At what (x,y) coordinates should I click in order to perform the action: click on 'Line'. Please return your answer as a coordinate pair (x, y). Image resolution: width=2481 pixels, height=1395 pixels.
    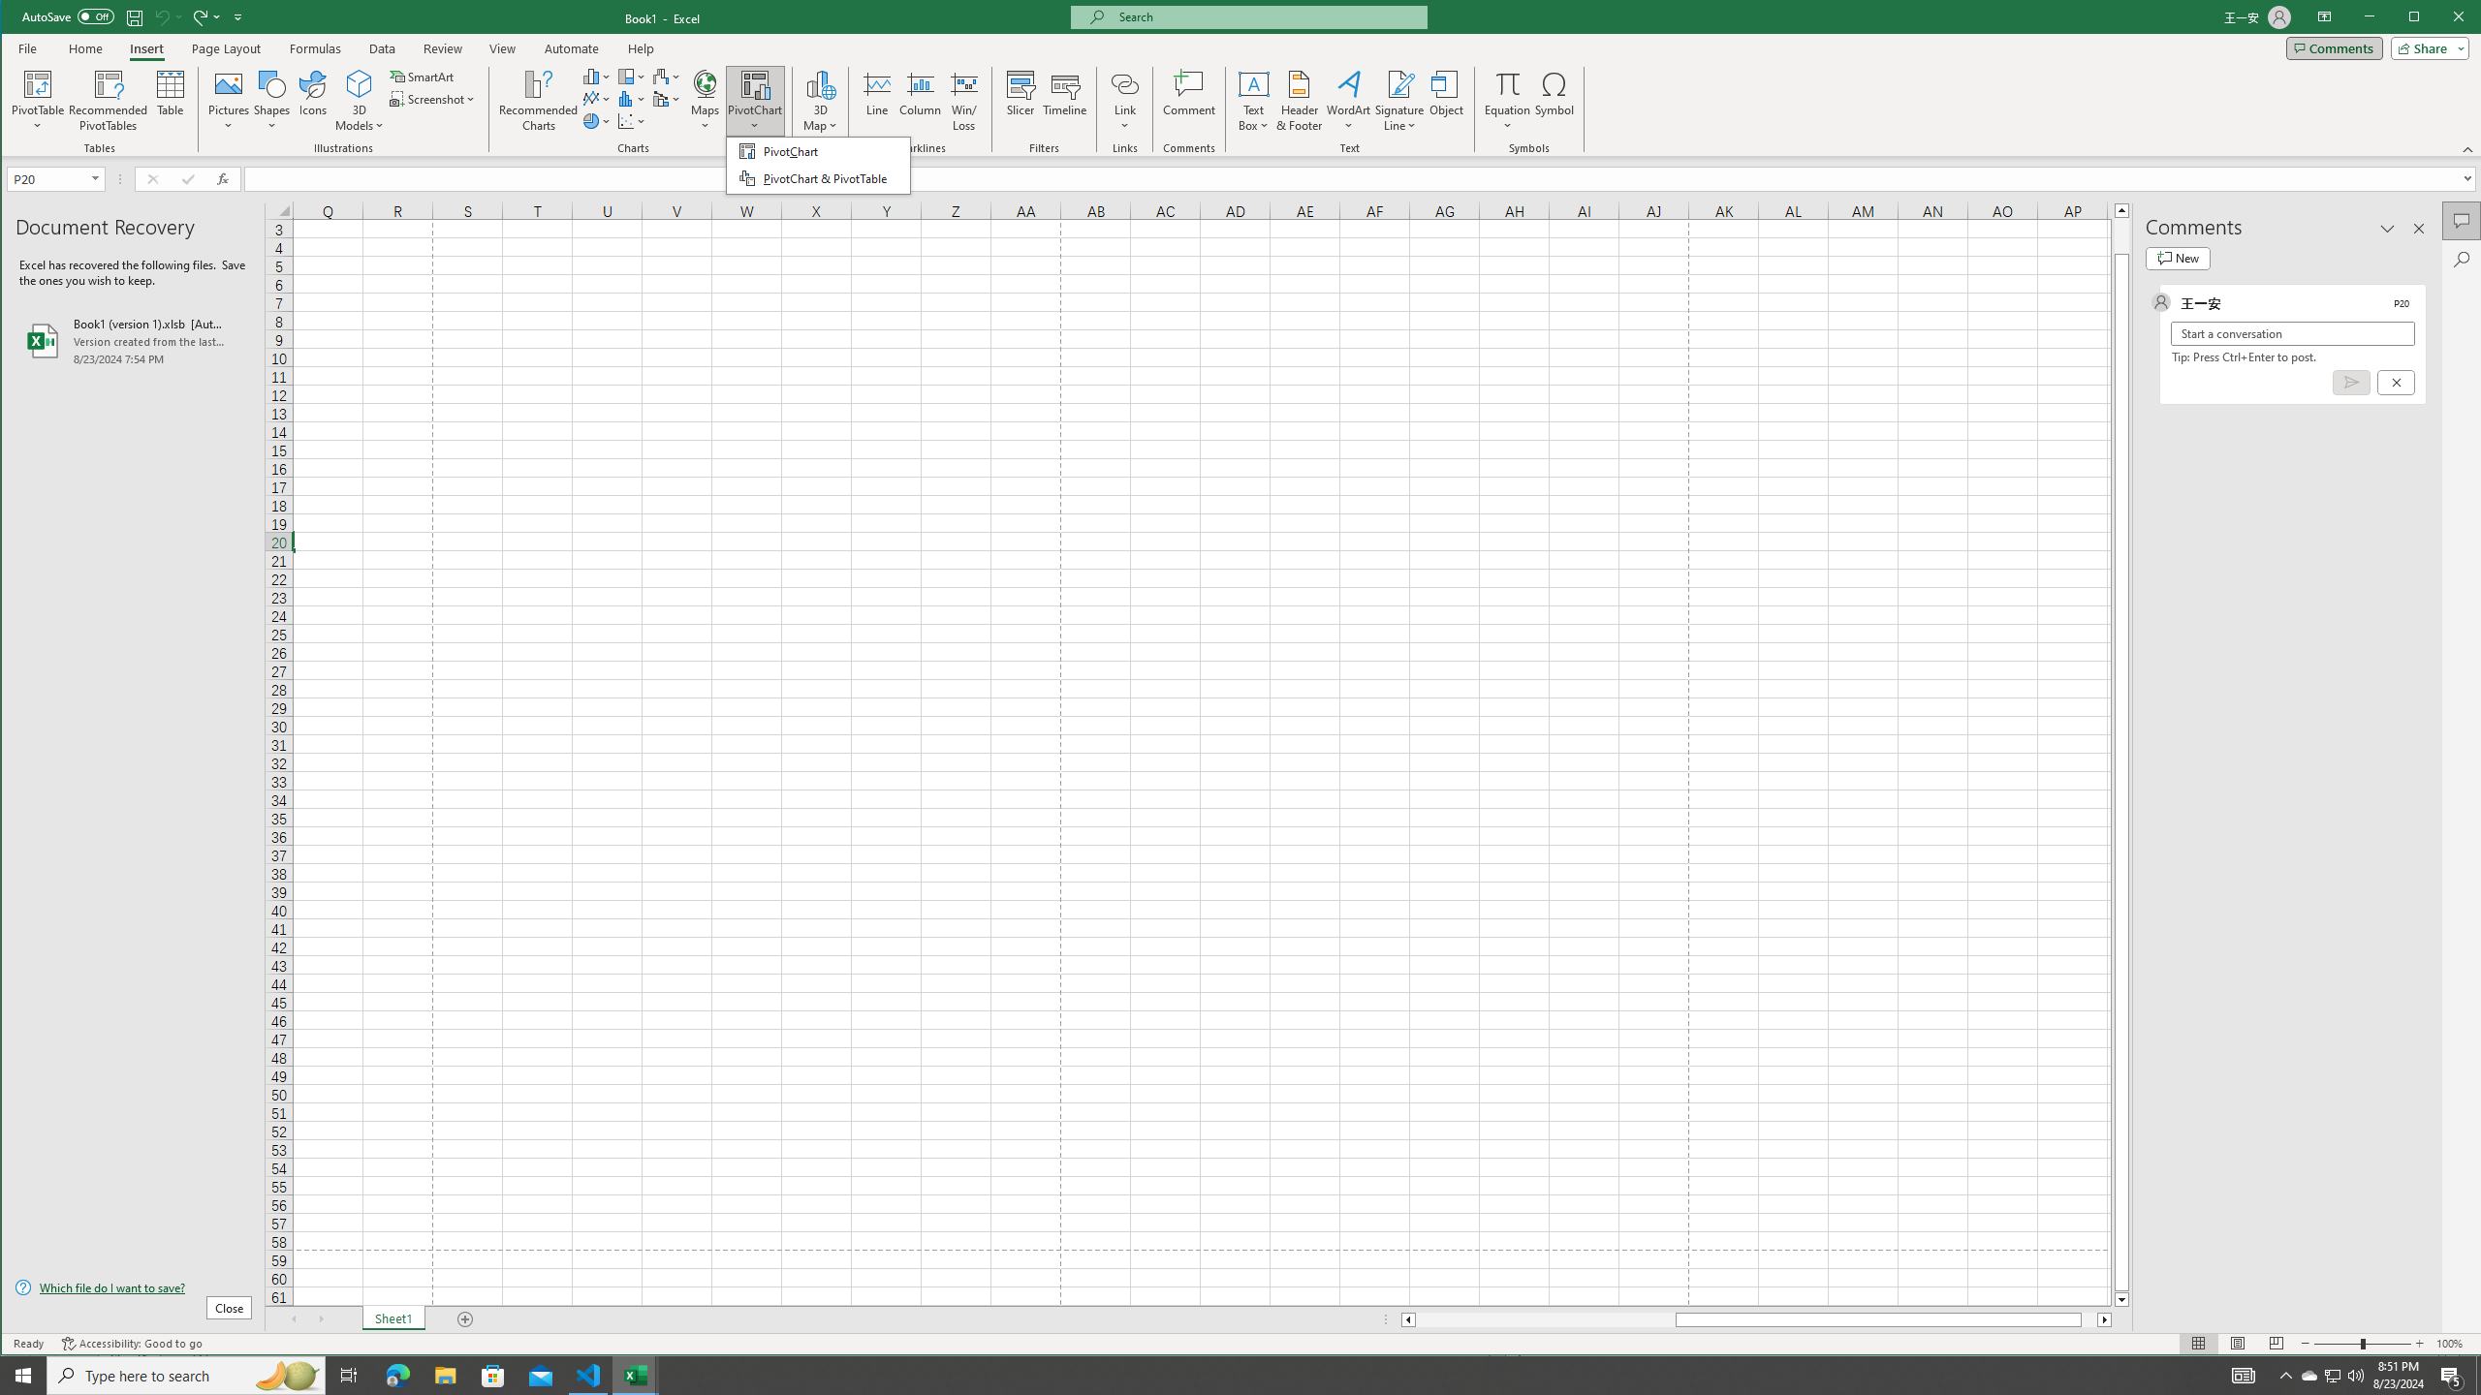
    Looking at the image, I should click on (876, 100).